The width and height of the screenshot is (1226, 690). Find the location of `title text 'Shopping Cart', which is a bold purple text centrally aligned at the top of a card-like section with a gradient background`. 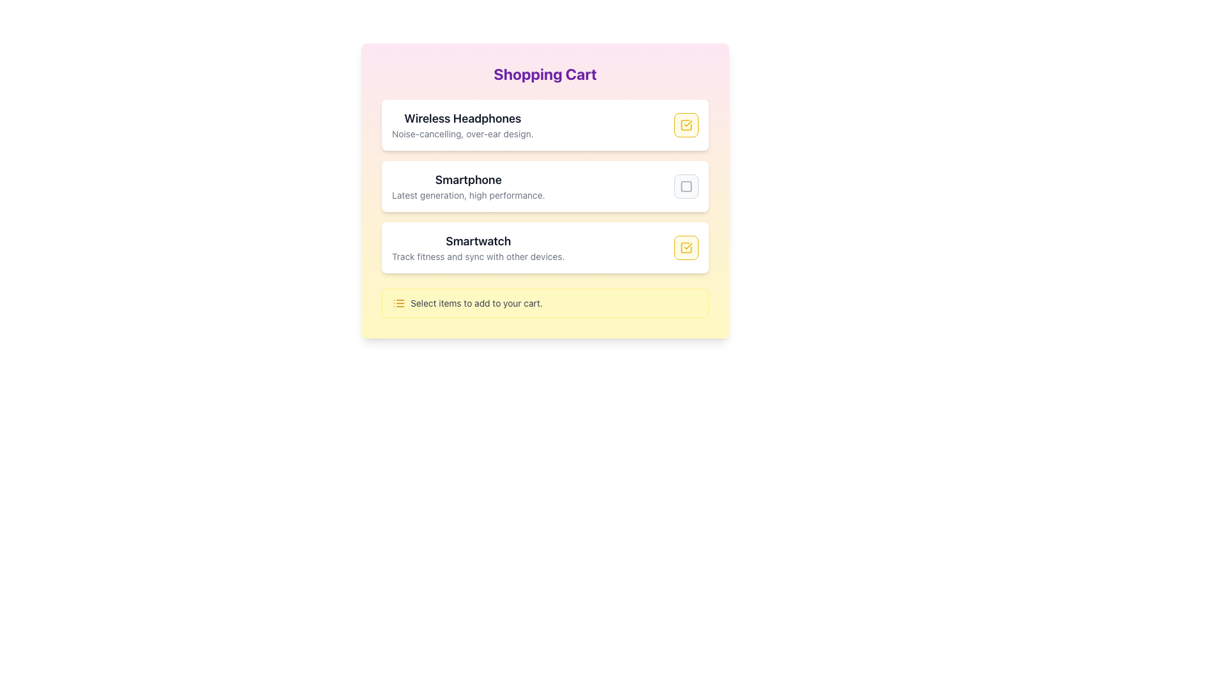

title text 'Shopping Cart', which is a bold purple text centrally aligned at the top of a card-like section with a gradient background is located at coordinates (545, 73).